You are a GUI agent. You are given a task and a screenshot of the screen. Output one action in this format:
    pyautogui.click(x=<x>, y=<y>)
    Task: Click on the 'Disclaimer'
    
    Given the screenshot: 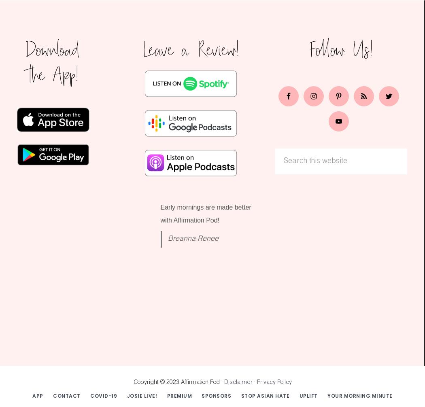 What is the action you would take?
    pyautogui.click(x=224, y=382)
    